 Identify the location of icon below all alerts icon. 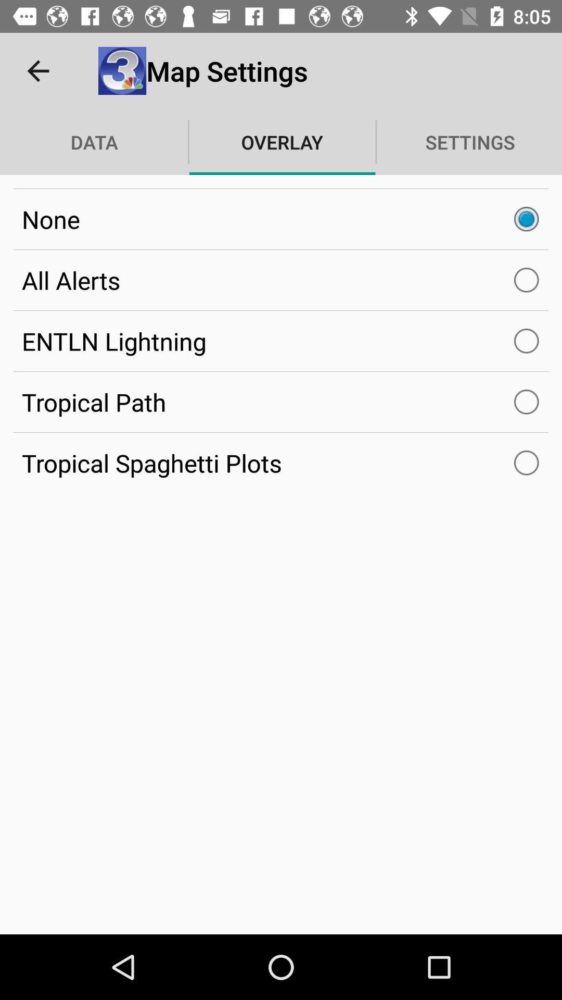
(281, 341).